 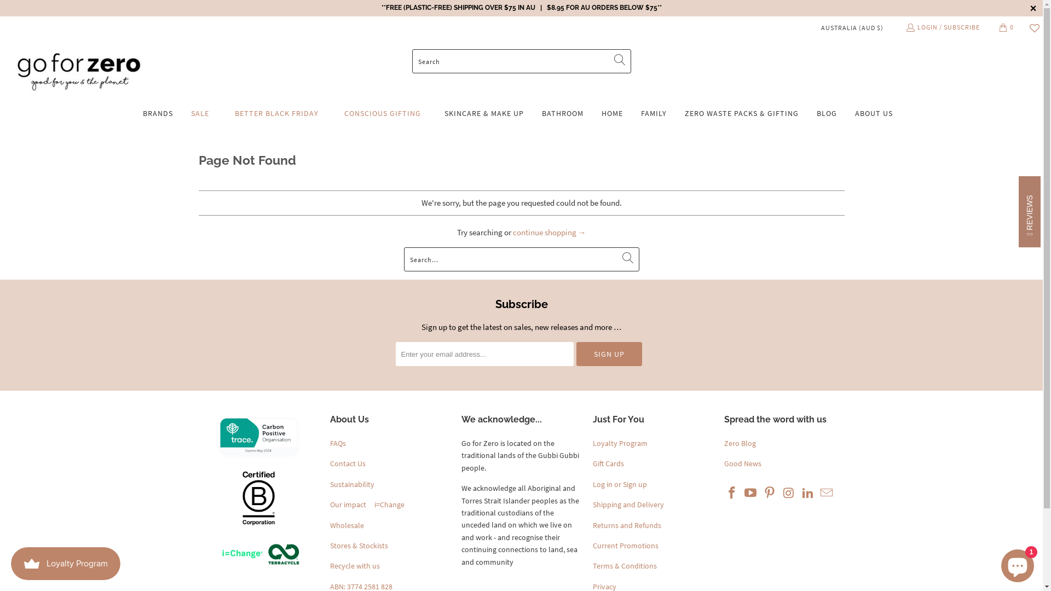 I want to click on 'Go For Zero on Instagram', so click(x=780, y=493).